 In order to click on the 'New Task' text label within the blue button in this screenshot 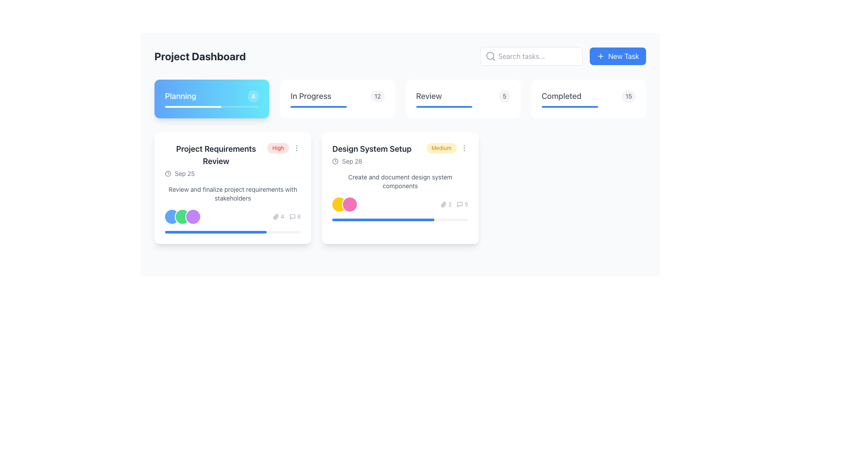, I will do `click(623, 56)`.